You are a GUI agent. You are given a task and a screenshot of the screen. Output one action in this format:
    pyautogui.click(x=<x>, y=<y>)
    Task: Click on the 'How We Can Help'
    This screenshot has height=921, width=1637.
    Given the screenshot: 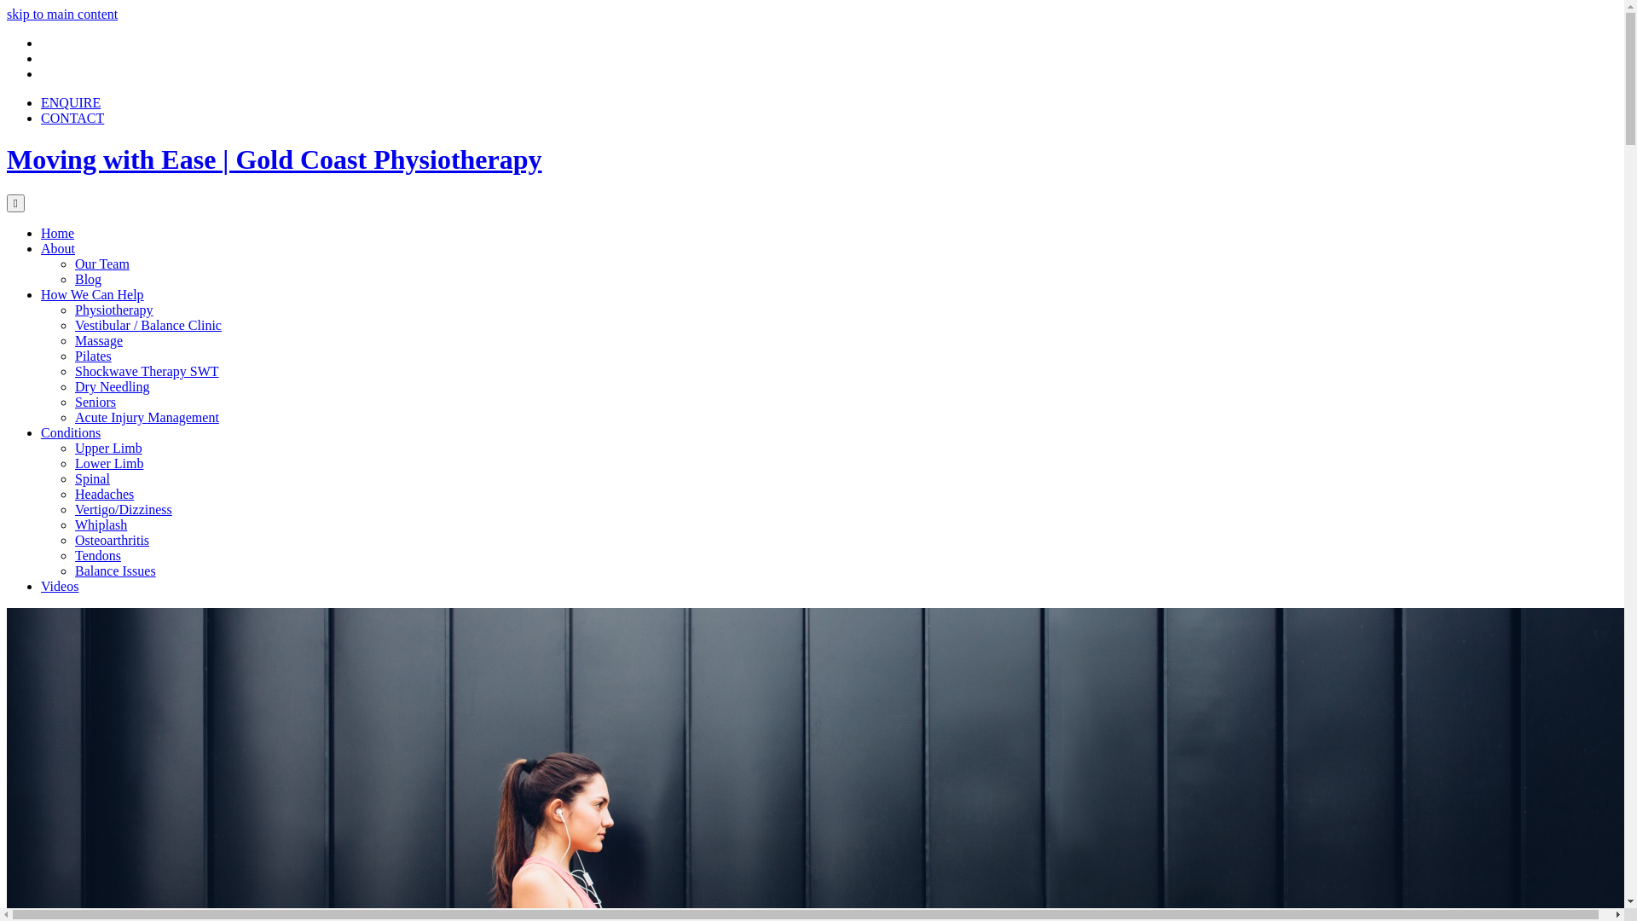 What is the action you would take?
    pyautogui.click(x=91, y=293)
    